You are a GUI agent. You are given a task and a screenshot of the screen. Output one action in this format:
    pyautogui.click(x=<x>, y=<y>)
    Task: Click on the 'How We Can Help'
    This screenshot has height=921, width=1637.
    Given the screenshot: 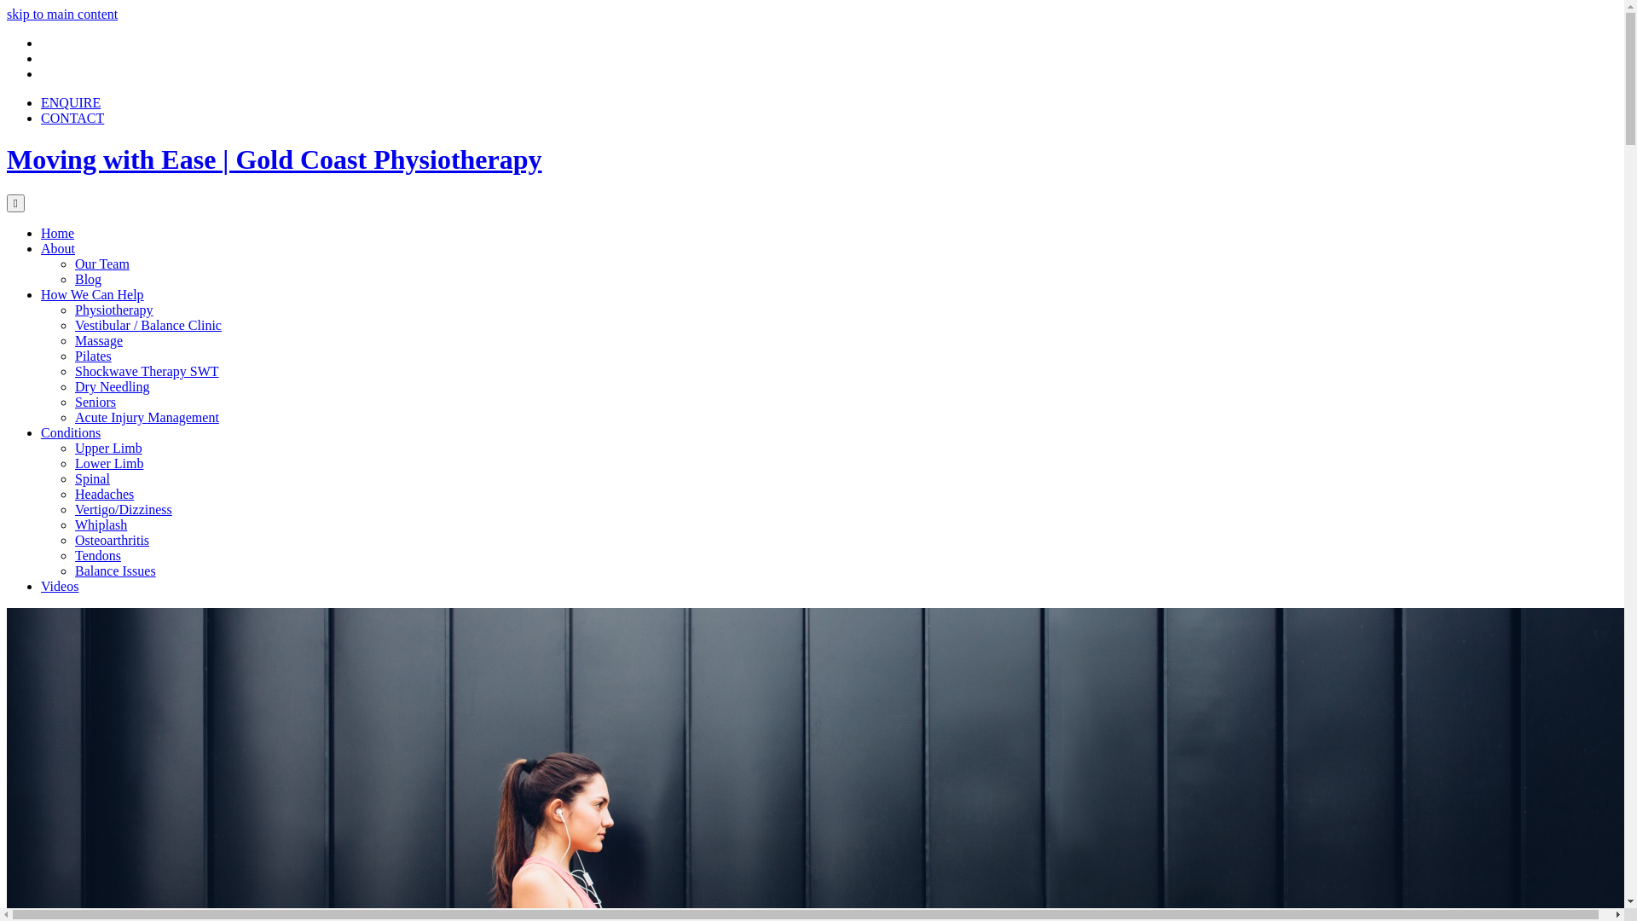 What is the action you would take?
    pyautogui.click(x=91, y=293)
    